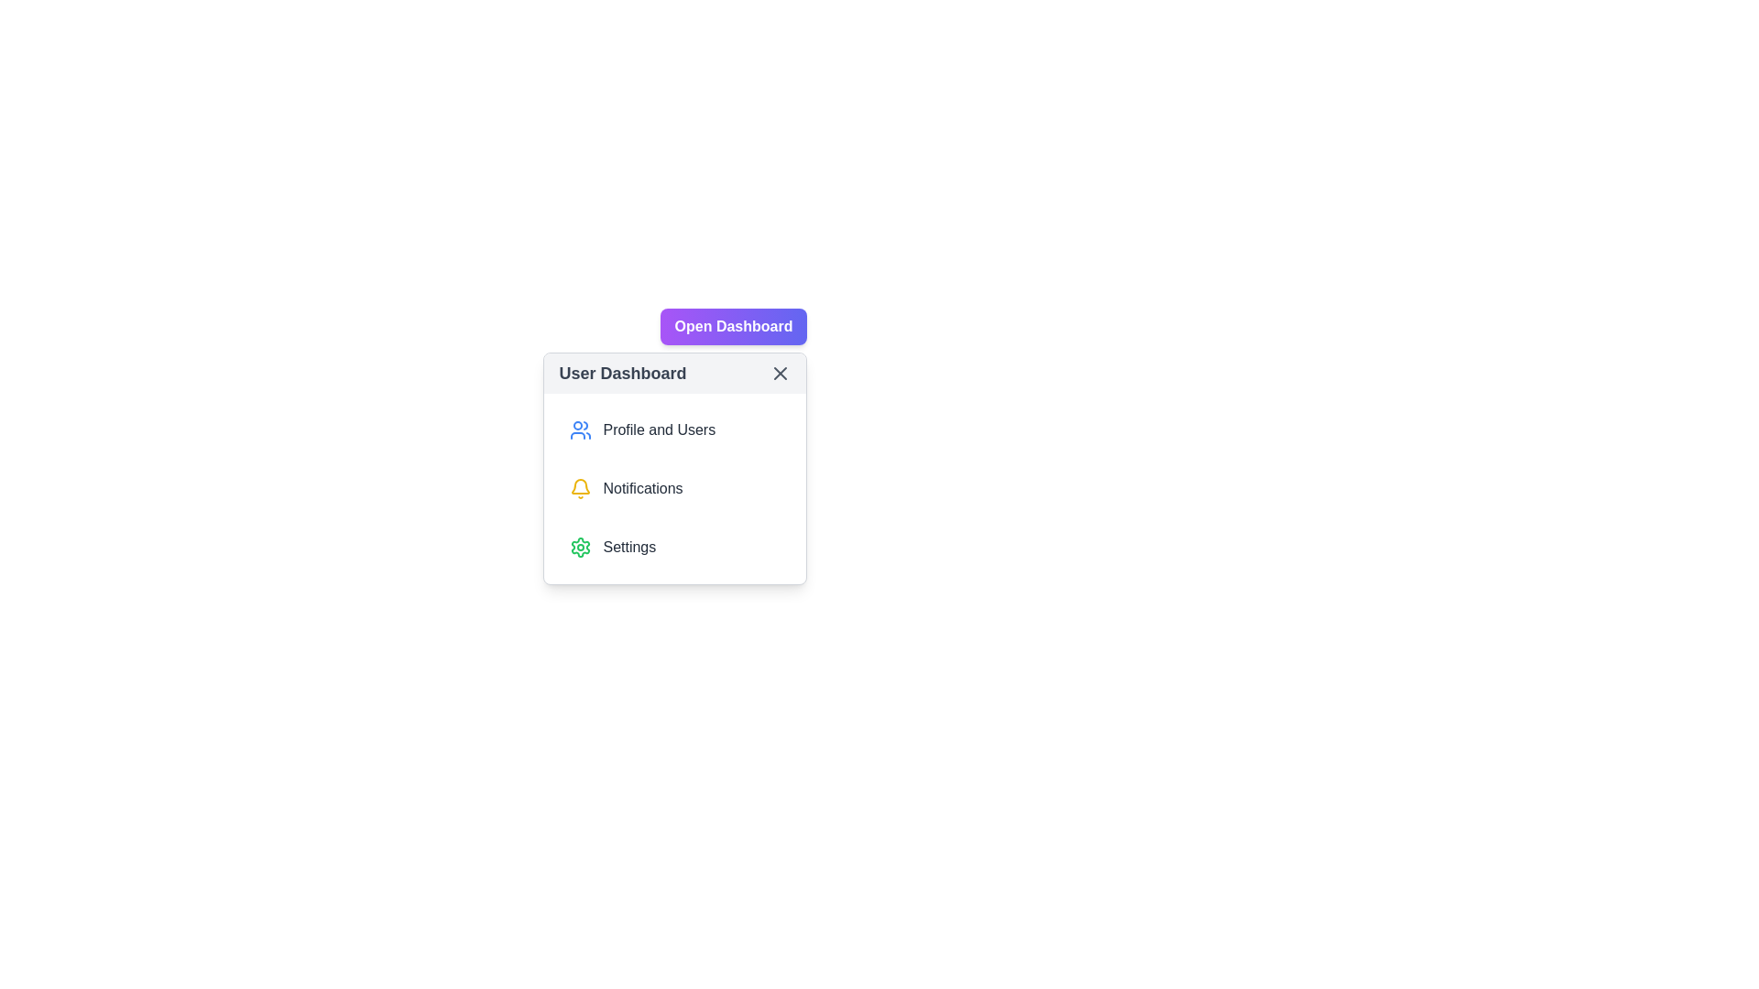  What do you see at coordinates (674, 487) in the screenshot?
I see `the Notifications menu item` at bounding box center [674, 487].